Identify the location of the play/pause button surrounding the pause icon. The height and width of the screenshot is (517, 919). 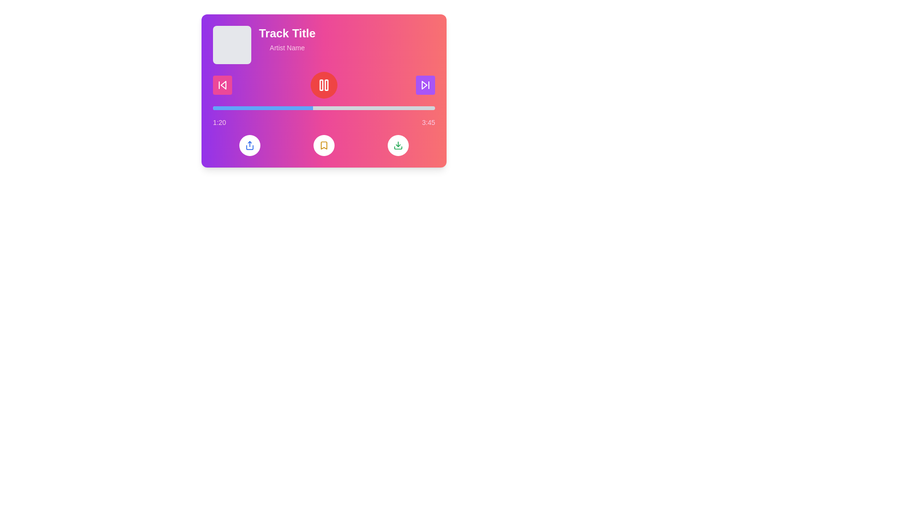
(326, 84).